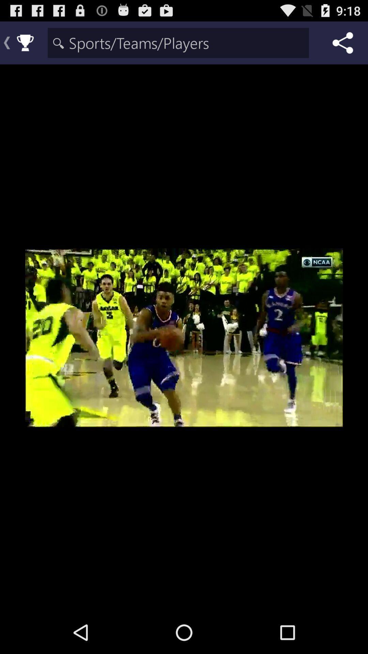  I want to click on searching area, so click(178, 42).